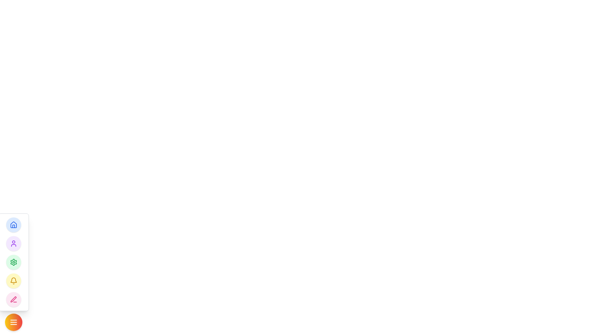 Image resolution: width=597 pixels, height=336 pixels. What do you see at coordinates (13, 322) in the screenshot?
I see `the toggle button located at the bottom of the vertical button stack on the left side of the interface` at bounding box center [13, 322].